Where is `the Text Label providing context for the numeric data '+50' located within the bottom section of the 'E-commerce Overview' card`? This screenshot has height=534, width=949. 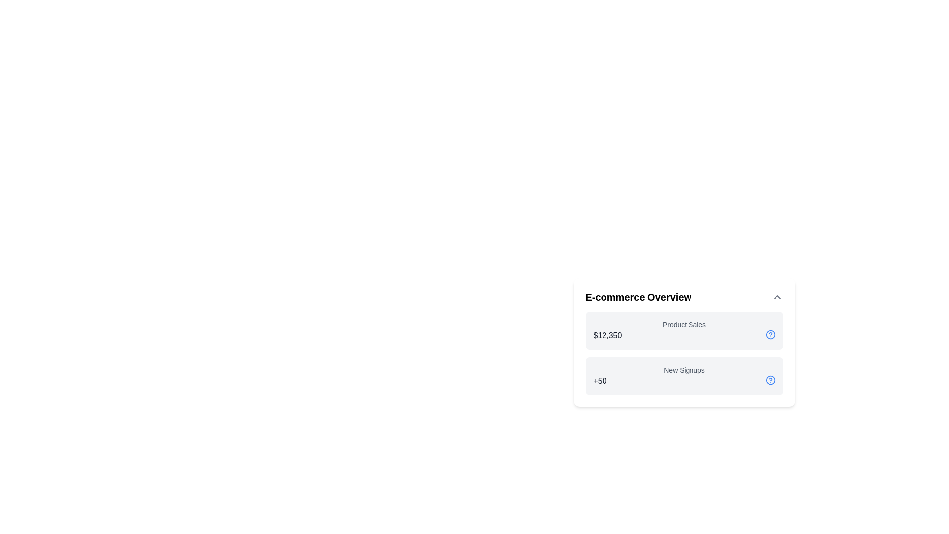
the Text Label providing context for the numeric data '+50' located within the bottom section of the 'E-commerce Overview' card is located at coordinates (684, 370).